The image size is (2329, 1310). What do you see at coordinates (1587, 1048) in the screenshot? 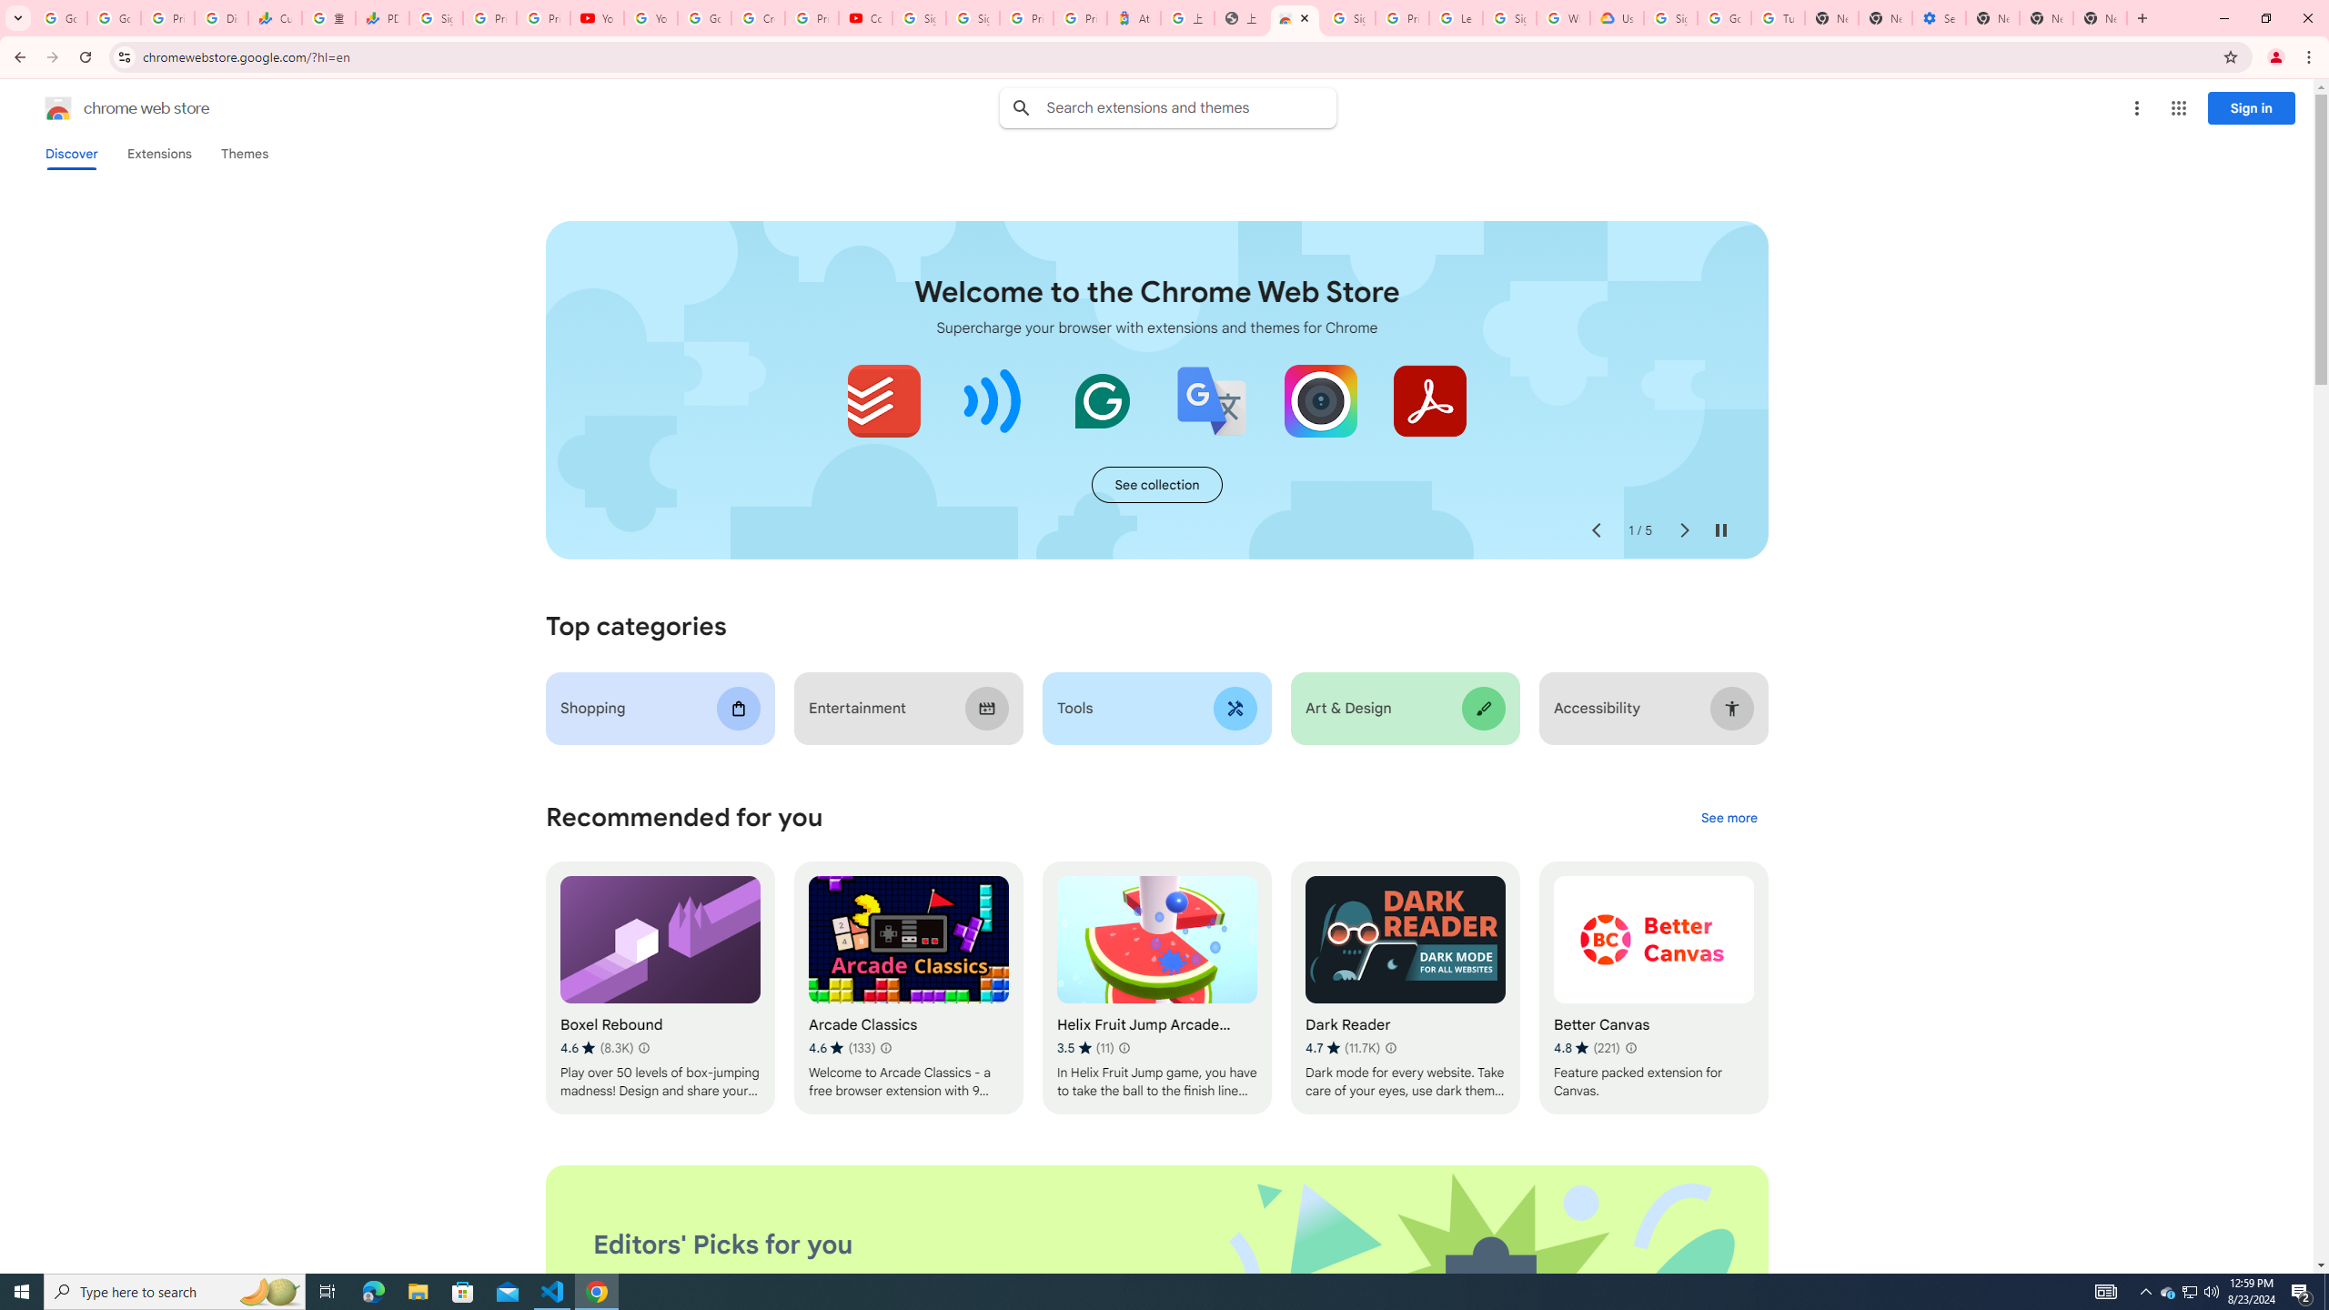
I see `'Average rating 4.8 out of 5 stars. 221 ratings.'` at bounding box center [1587, 1048].